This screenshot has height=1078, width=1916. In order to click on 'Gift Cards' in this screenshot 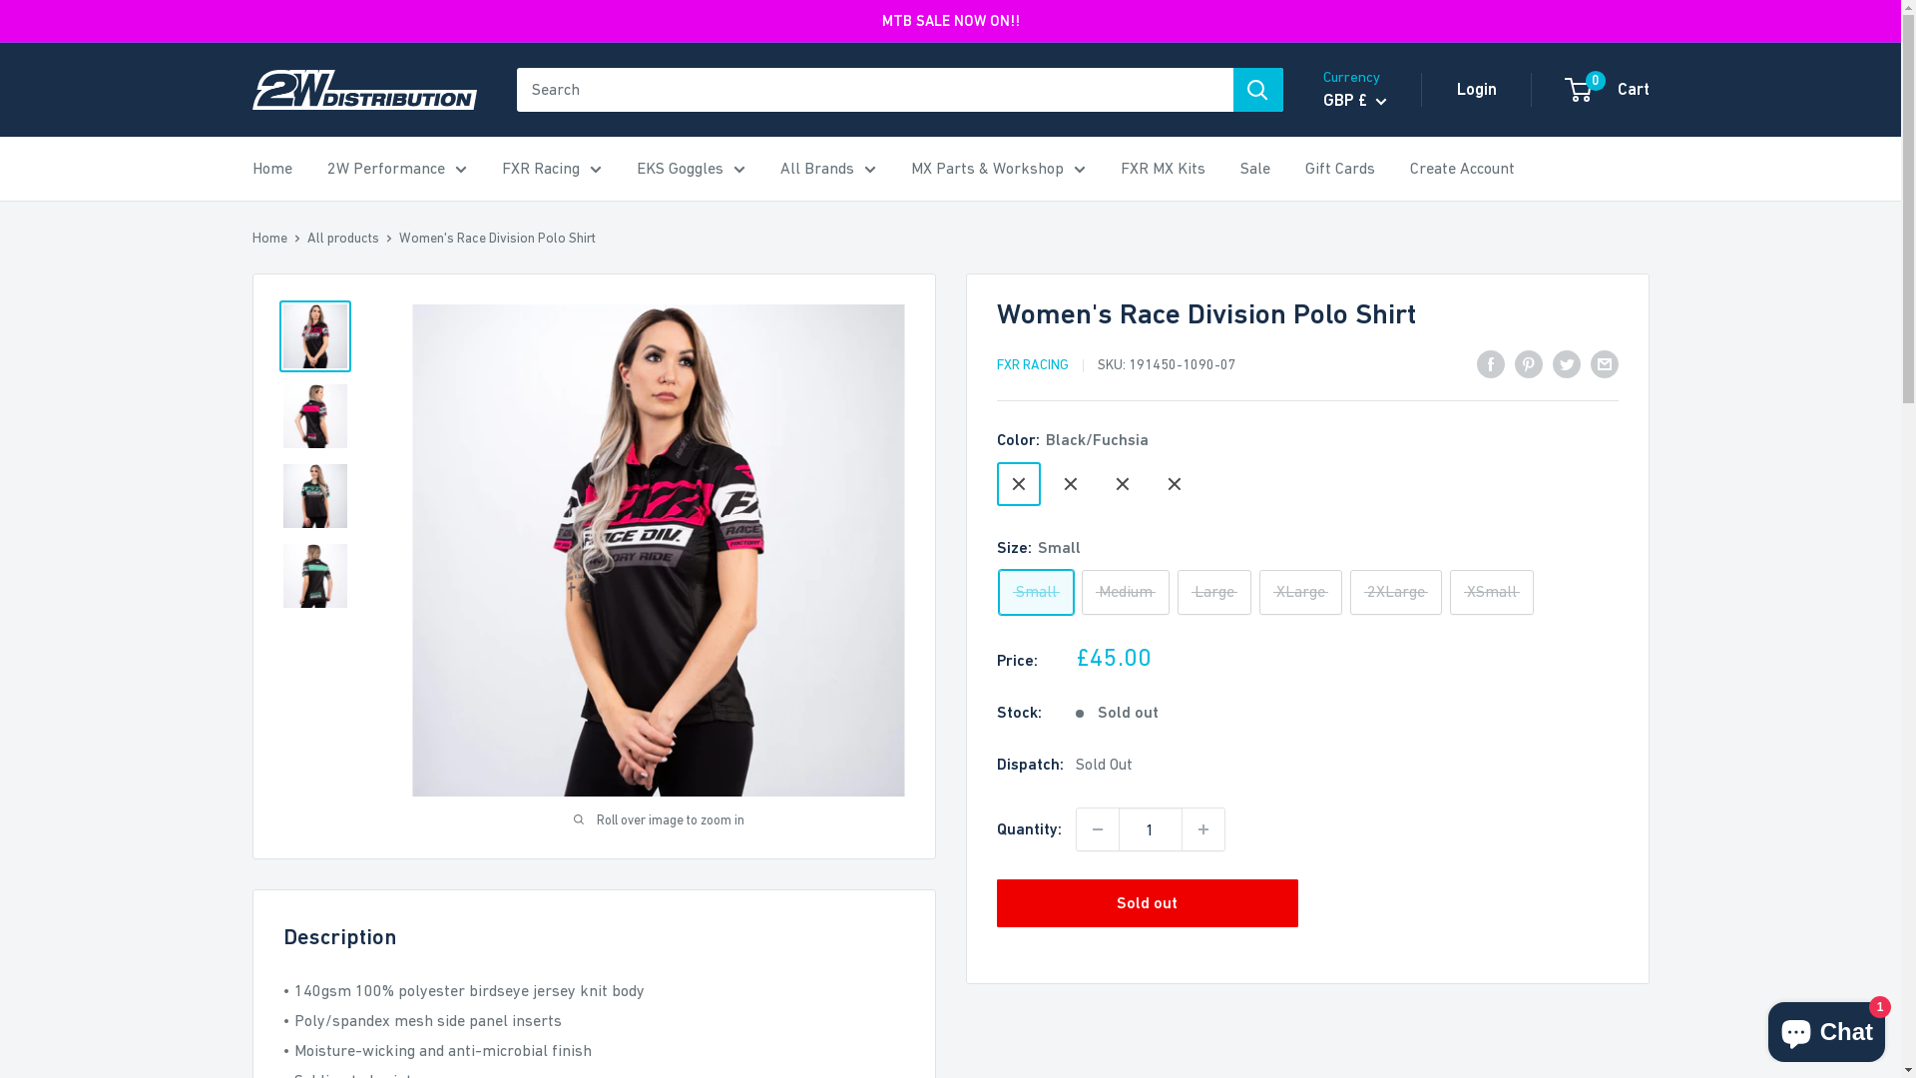, I will do `click(1340, 168)`.